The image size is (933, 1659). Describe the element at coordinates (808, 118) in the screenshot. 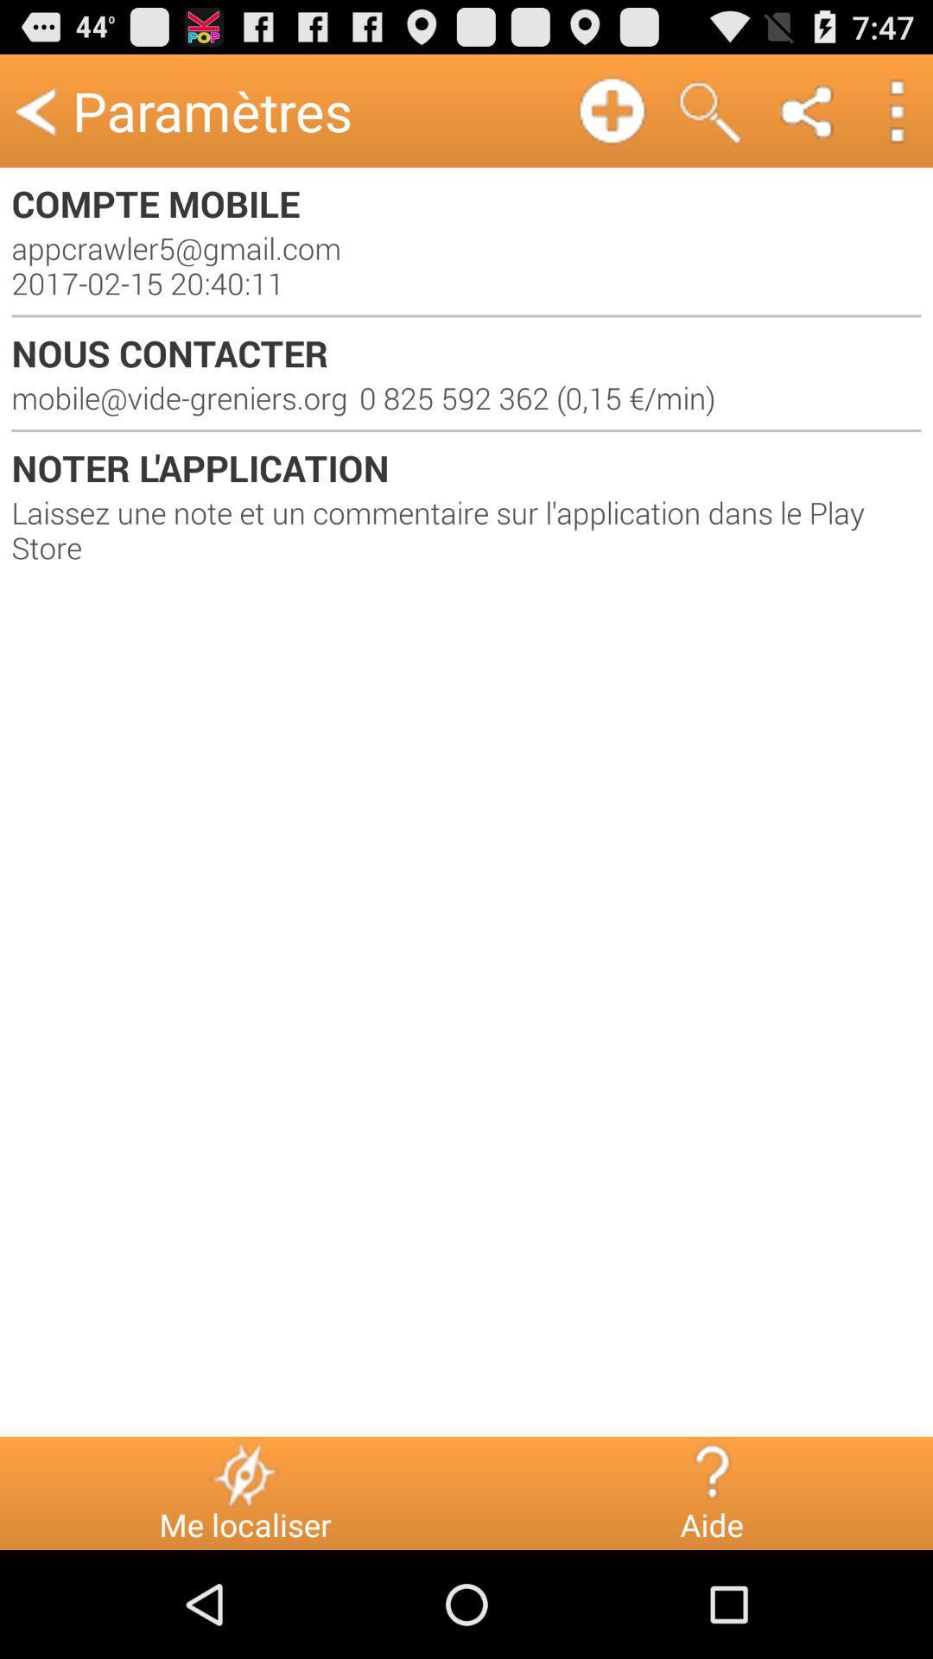

I see `the share icon` at that location.